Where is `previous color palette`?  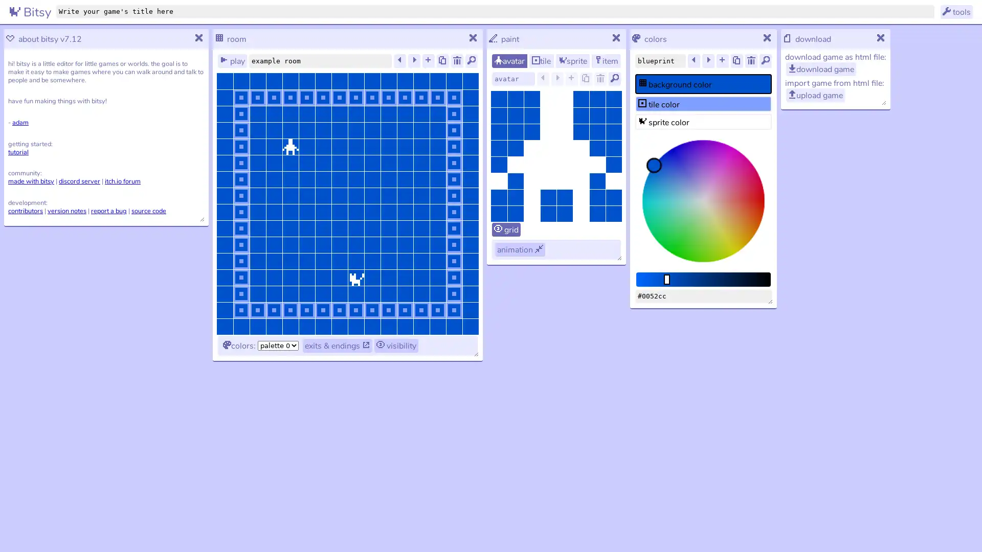 previous color palette is located at coordinates (694, 61).